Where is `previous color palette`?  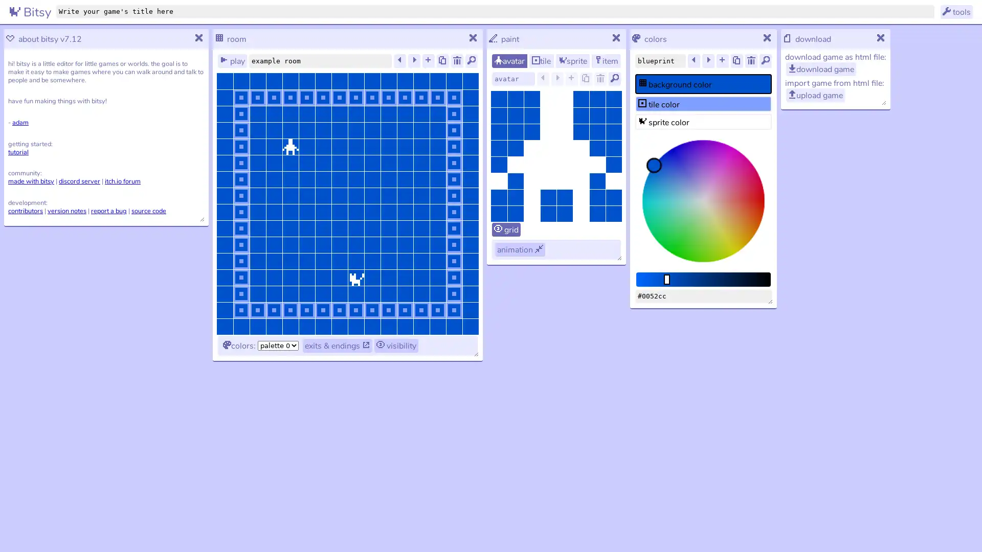 previous color palette is located at coordinates (694, 61).